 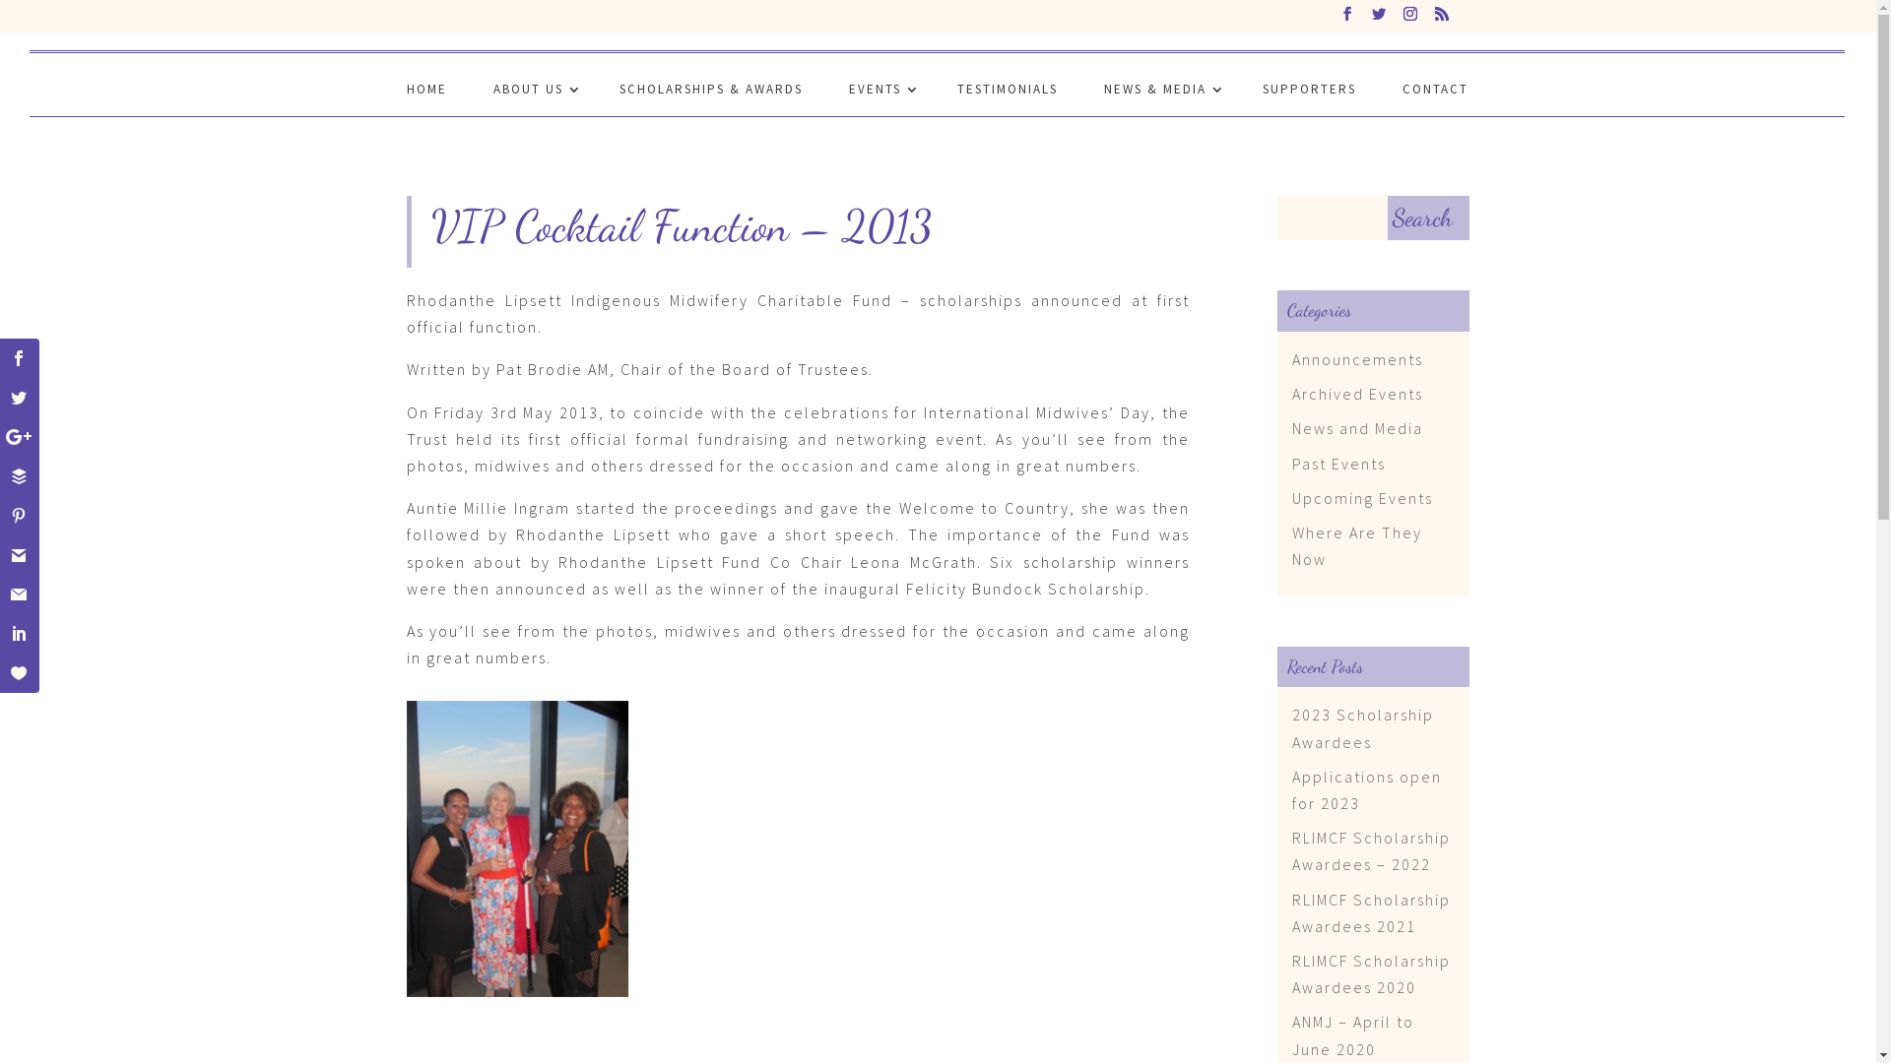 I want to click on 'Where Are They Now', so click(x=1355, y=545).